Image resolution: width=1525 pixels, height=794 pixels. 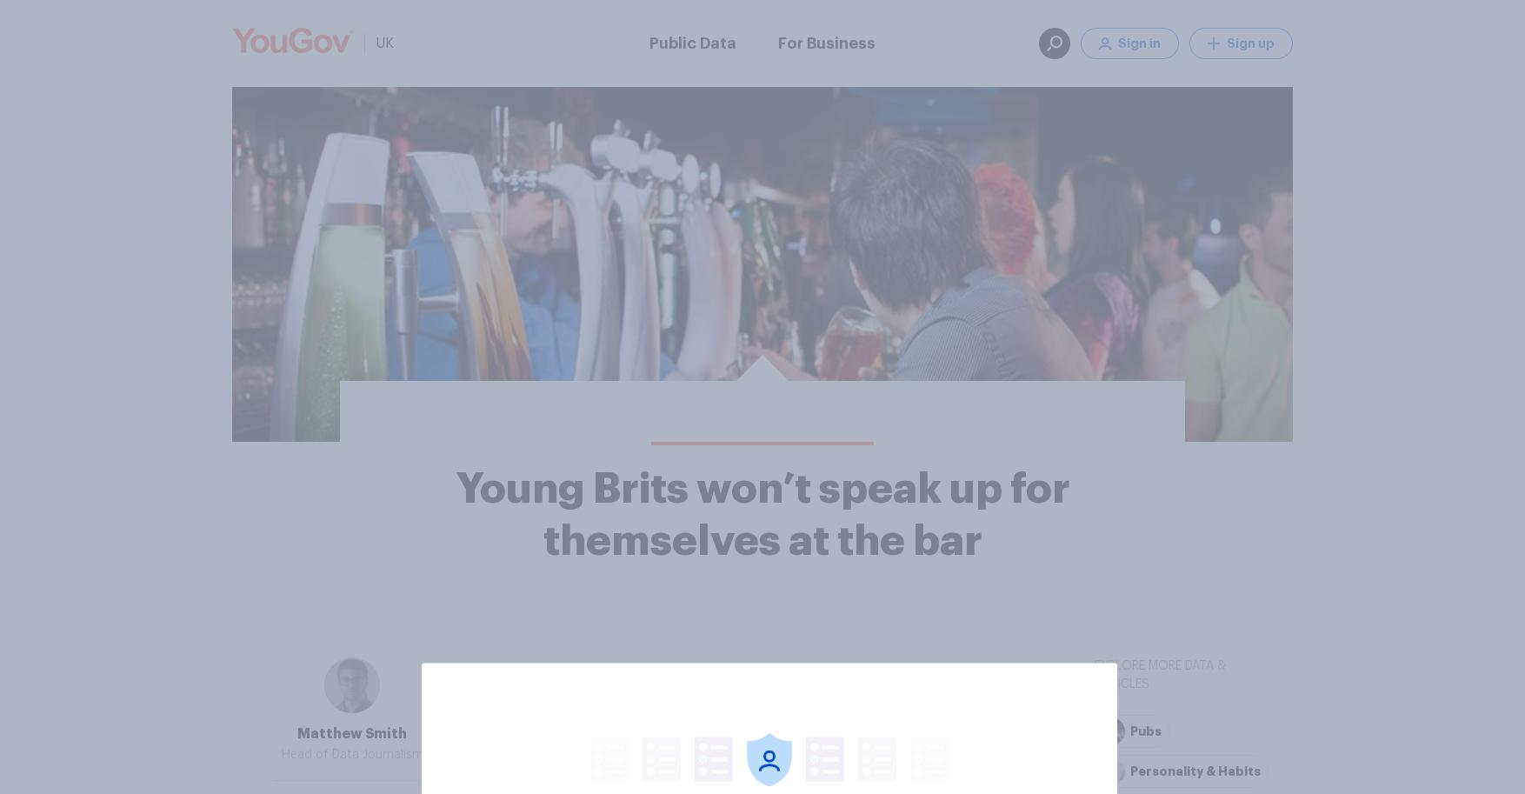 What do you see at coordinates (827, 42) in the screenshot?
I see `'For Business'` at bounding box center [827, 42].